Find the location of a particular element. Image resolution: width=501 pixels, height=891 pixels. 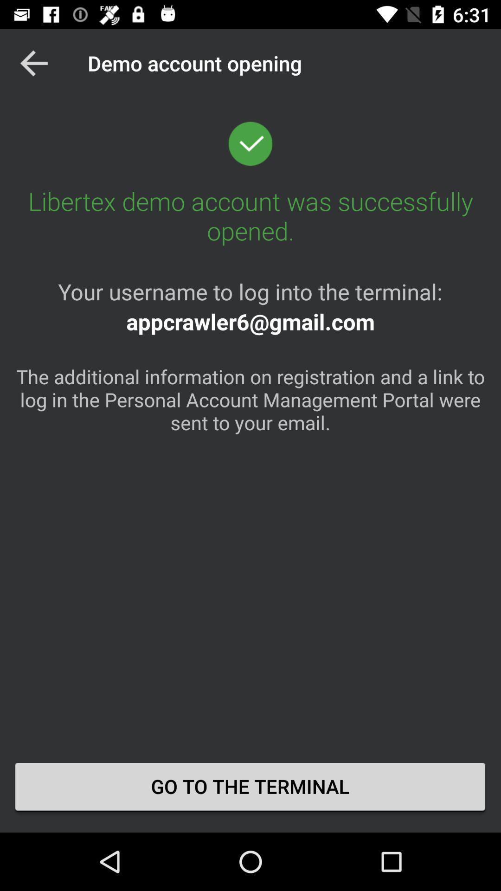

go back is located at coordinates (33, 63).